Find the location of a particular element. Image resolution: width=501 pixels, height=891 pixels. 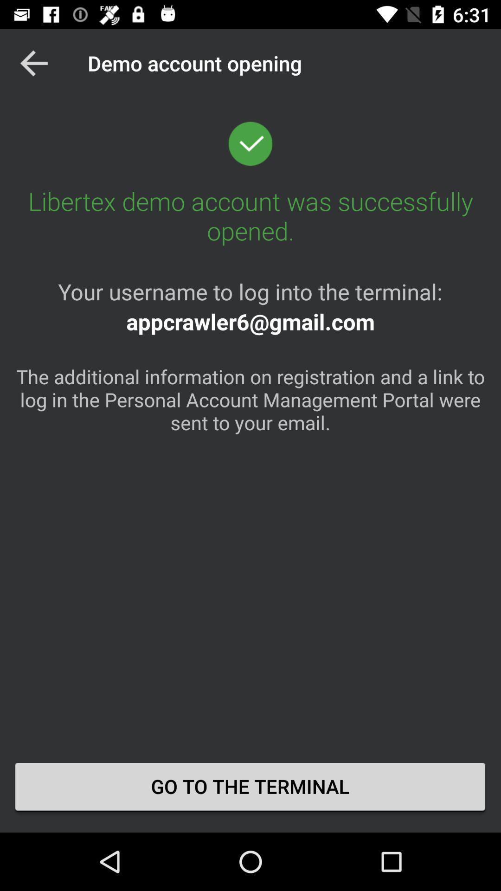

go back is located at coordinates (33, 63).